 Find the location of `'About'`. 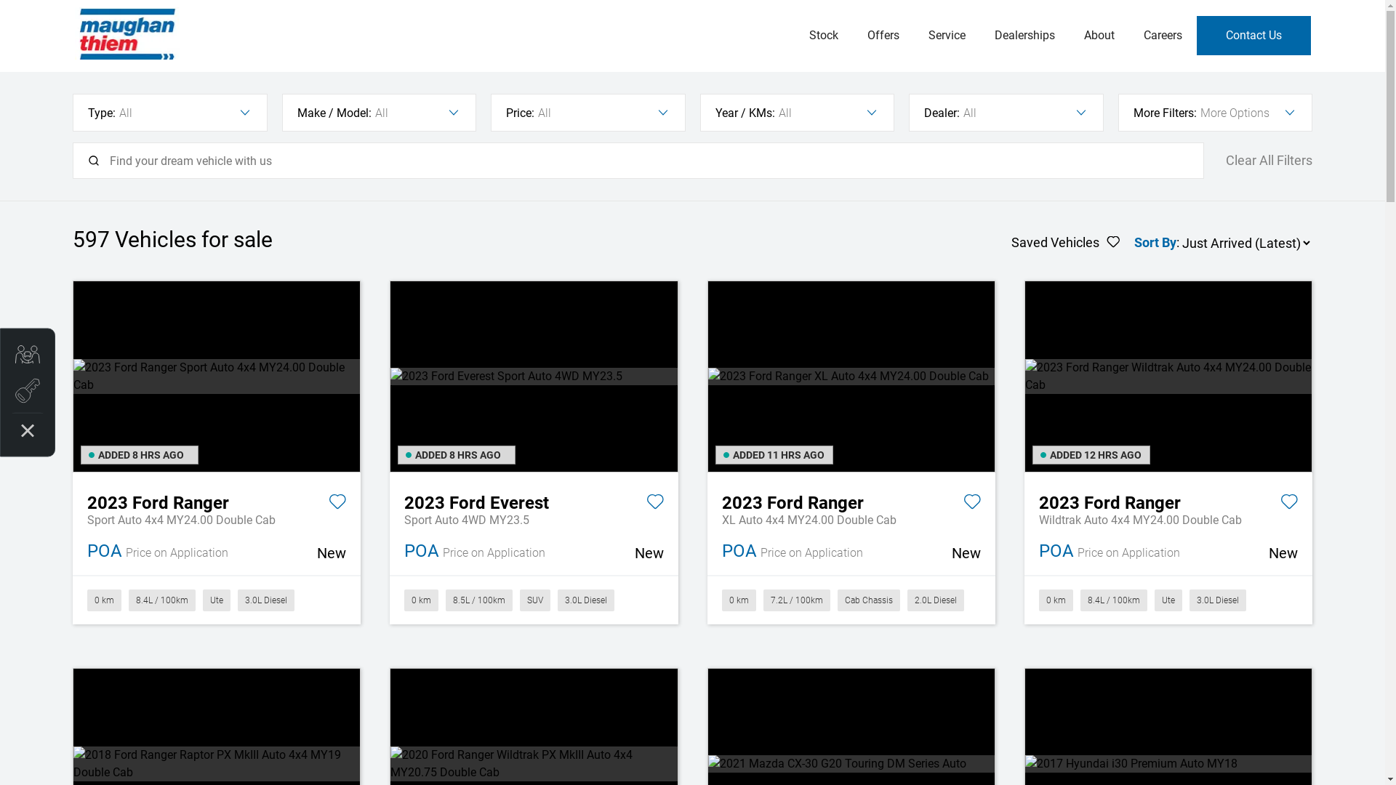

'About' is located at coordinates (1099, 35).